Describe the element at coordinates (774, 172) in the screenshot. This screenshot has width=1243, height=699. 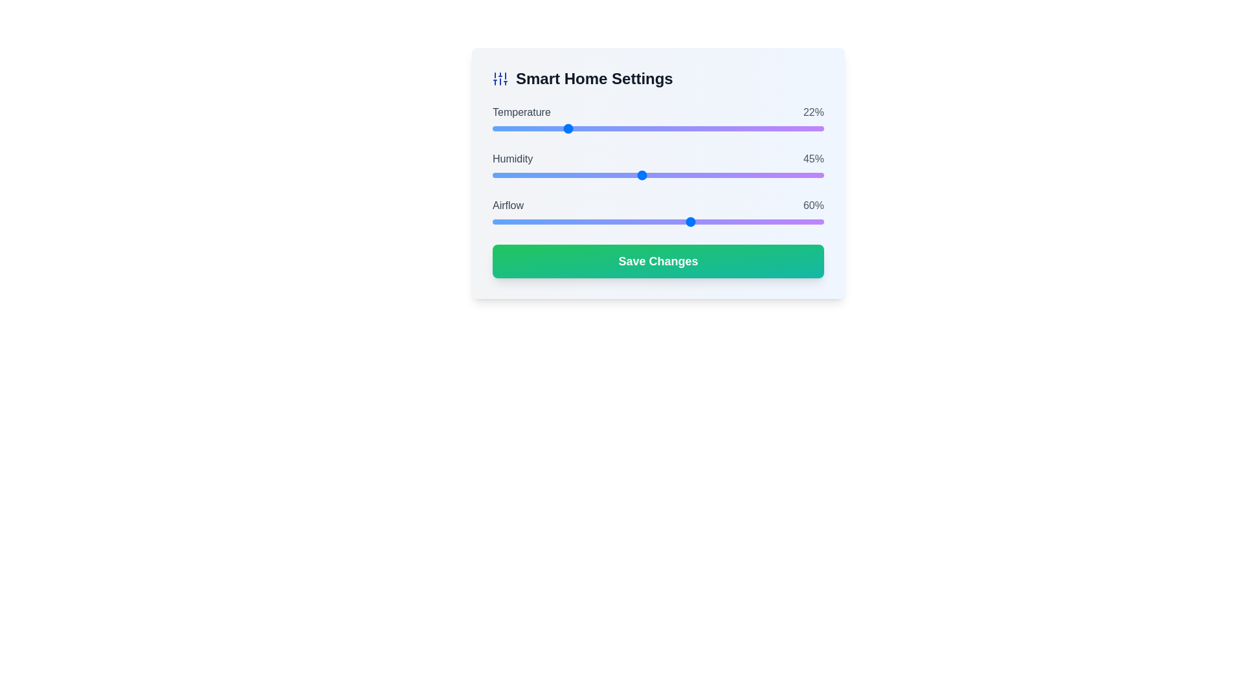
I see `the humidity level` at that location.